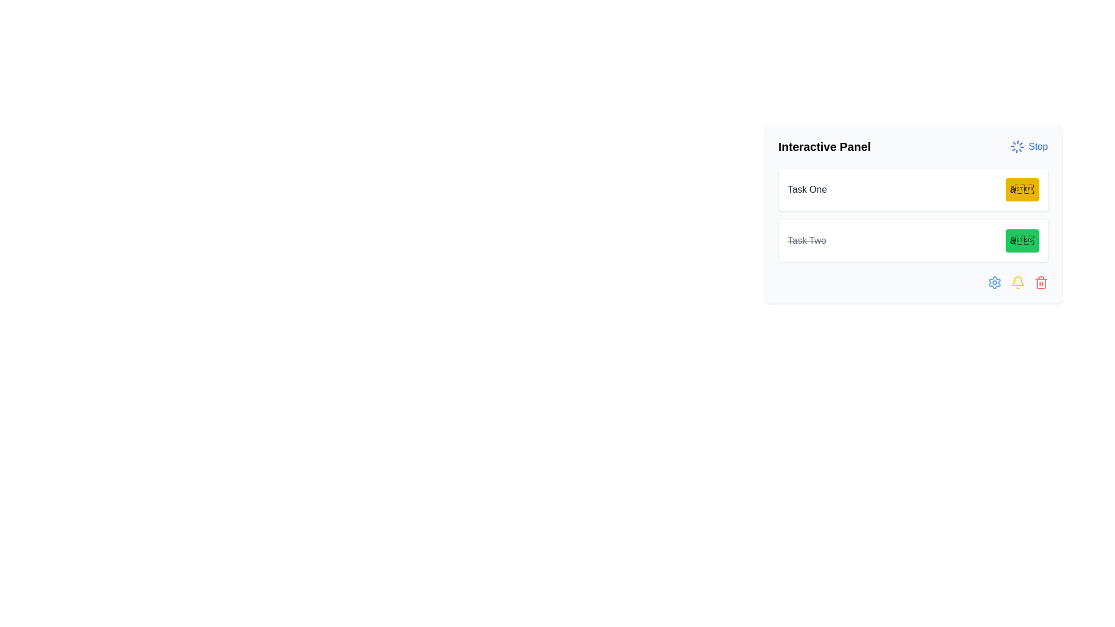  What do you see at coordinates (1022, 189) in the screenshot?
I see `the rectangular button with a yellow background and the '✗' symbol, located to the right of the 'Task One' label` at bounding box center [1022, 189].